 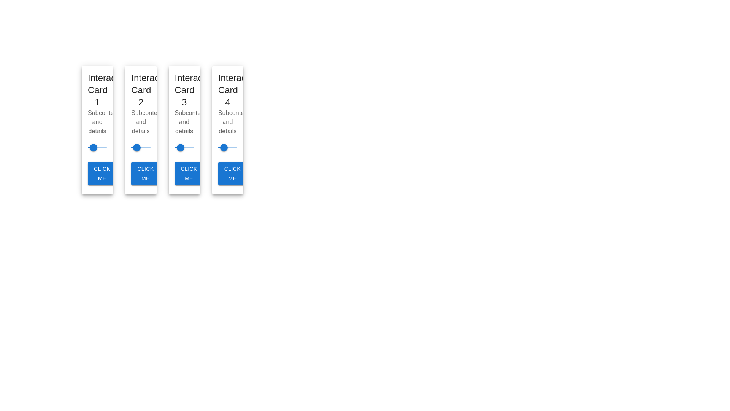 What do you see at coordinates (102, 148) in the screenshot?
I see `the slider` at bounding box center [102, 148].